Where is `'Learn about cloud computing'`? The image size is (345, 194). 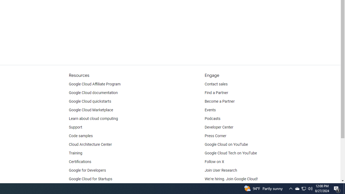
'Learn about cloud computing' is located at coordinates (93, 119).